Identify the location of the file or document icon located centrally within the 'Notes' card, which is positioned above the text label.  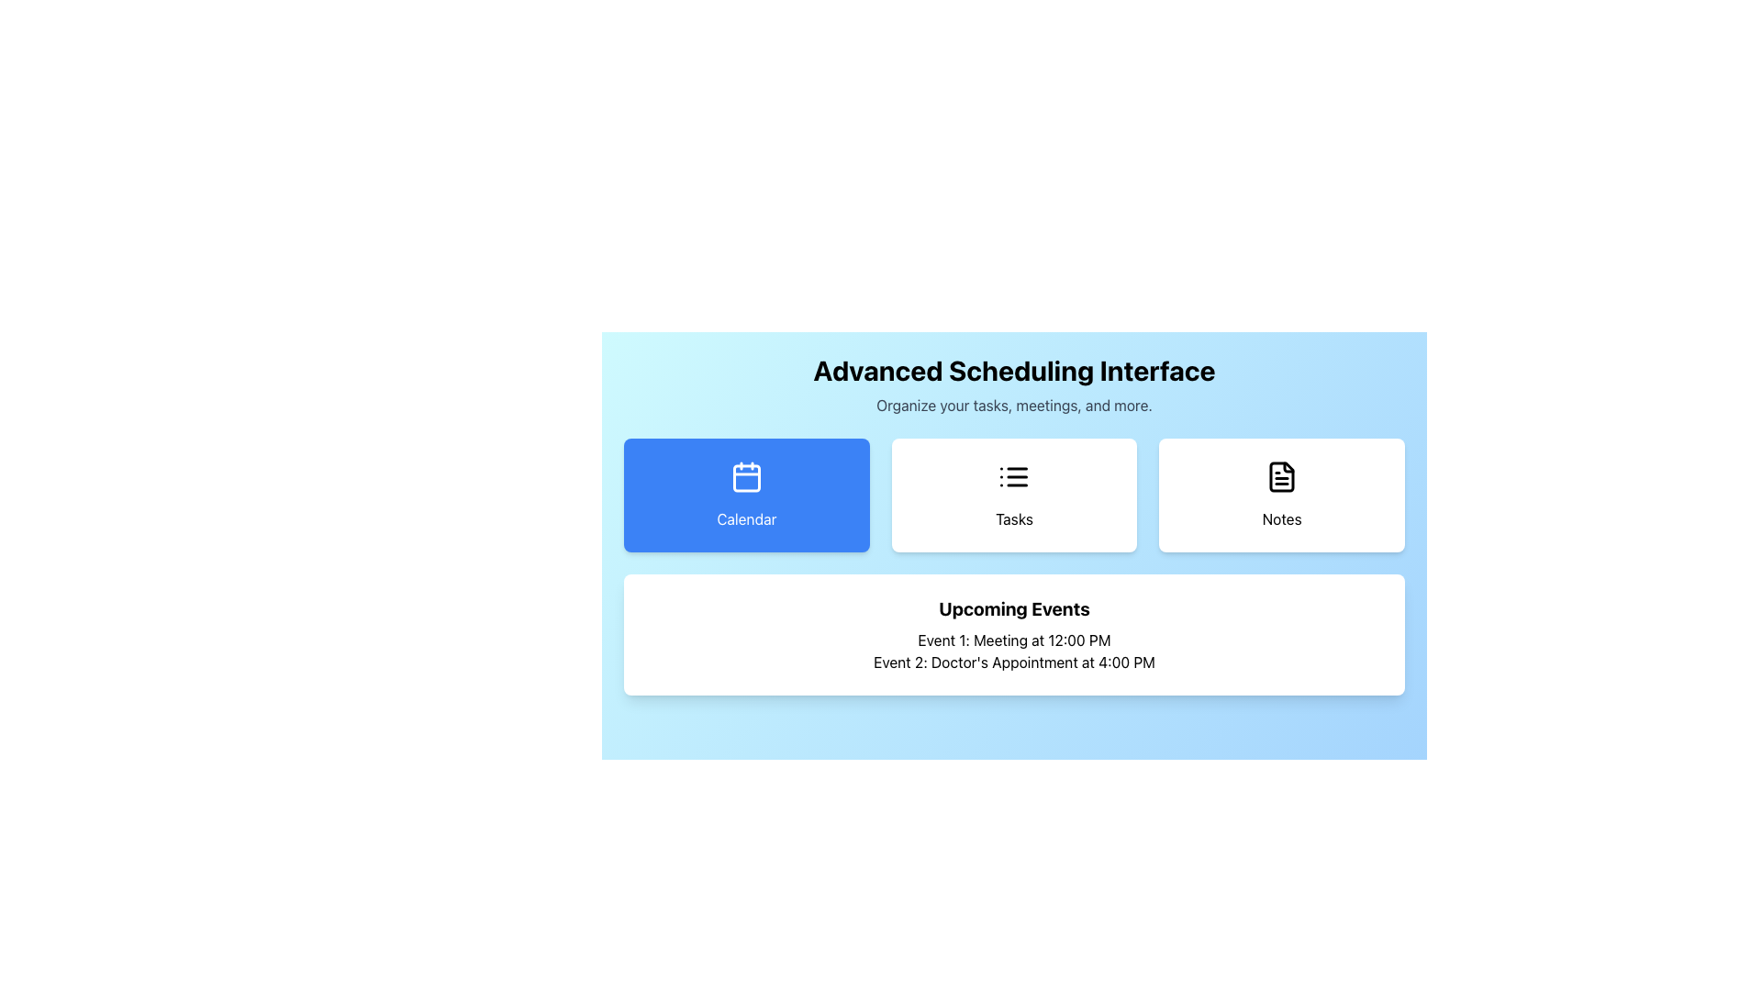
(1281, 476).